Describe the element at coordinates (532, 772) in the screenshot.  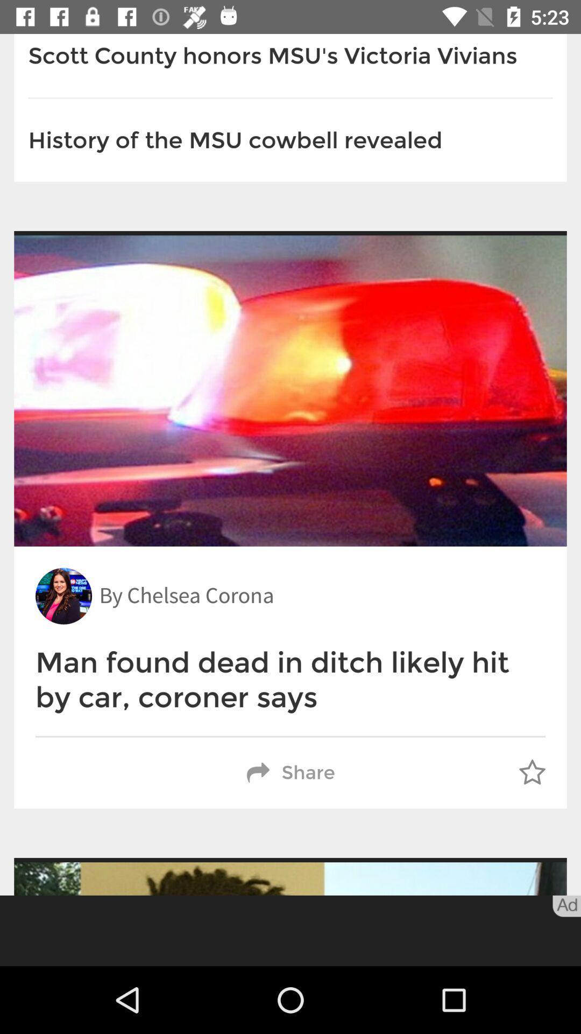
I see `icon to the right of the share item` at that location.